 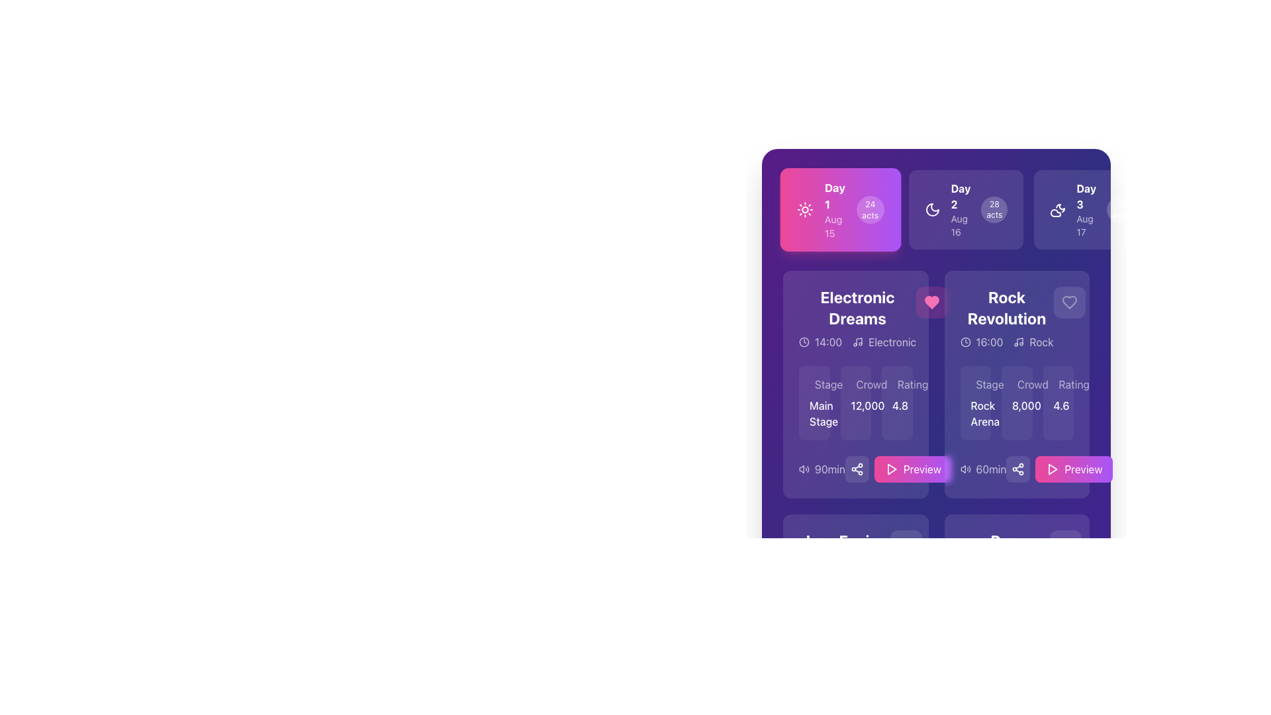 What do you see at coordinates (814, 385) in the screenshot?
I see `the text label displaying 'Stage', which is styled in white semi-transparent color and positioned above the 'Main Stage' text in the top-left segment of the panel` at bounding box center [814, 385].